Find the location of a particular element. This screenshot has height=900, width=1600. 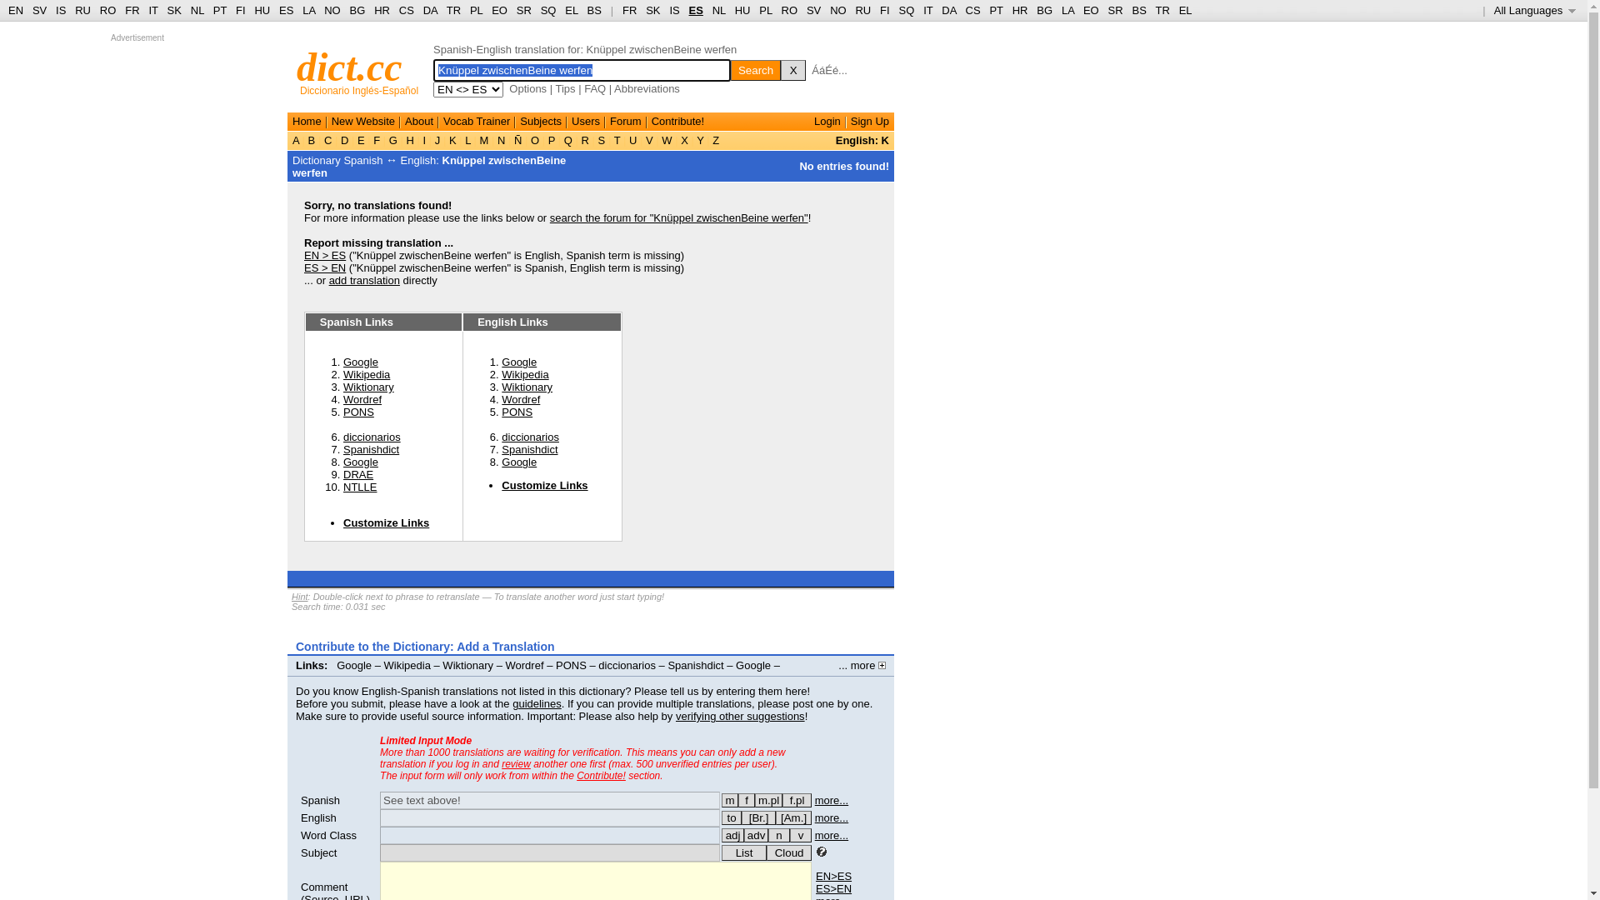

'SQ' is located at coordinates (540, 10).